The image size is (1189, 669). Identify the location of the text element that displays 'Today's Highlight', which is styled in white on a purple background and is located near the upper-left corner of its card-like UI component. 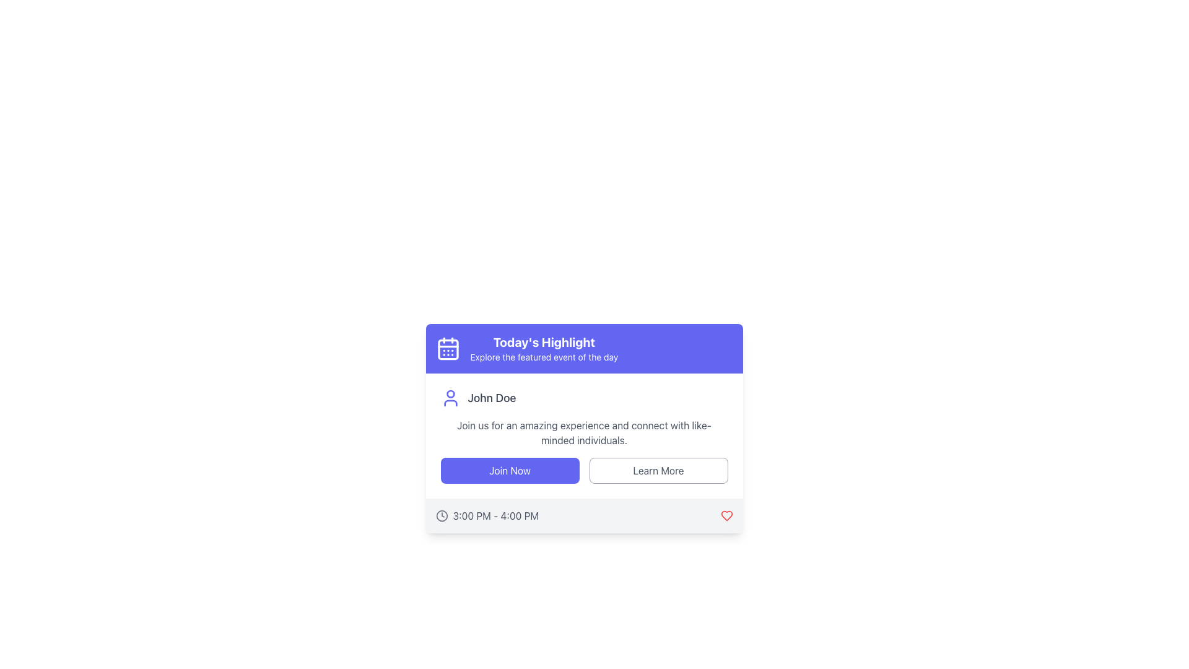
(544, 342).